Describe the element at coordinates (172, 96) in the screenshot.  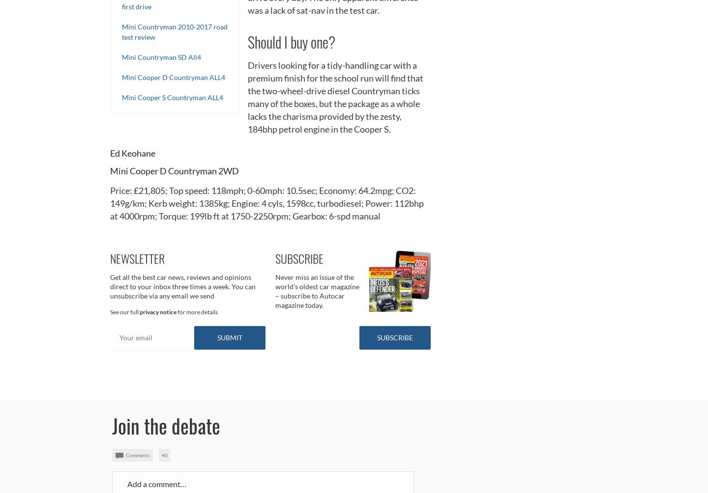
I see `'Mini Cooper S Countryman ALL4'` at that location.